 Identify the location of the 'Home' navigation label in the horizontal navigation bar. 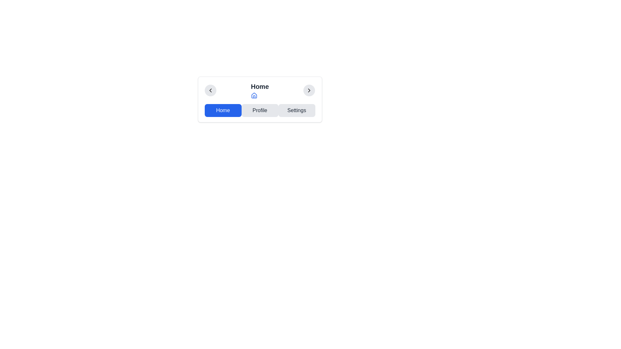
(260, 90).